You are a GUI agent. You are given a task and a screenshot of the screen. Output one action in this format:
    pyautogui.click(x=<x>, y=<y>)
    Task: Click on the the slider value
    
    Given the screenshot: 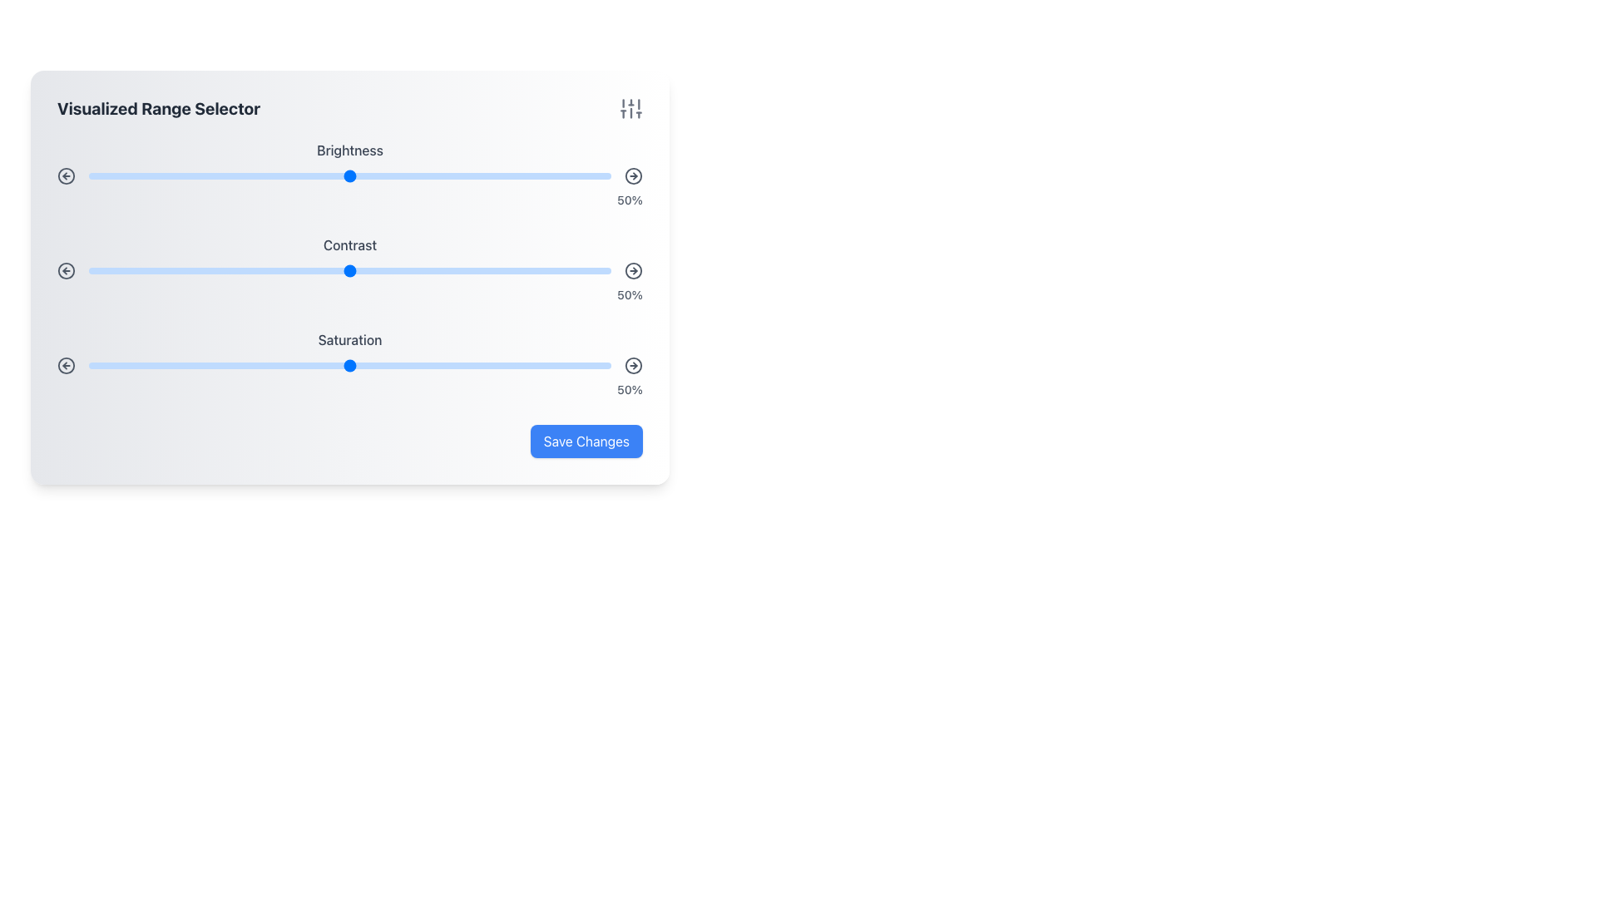 What is the action you would take?
    pyautogui.click(x=314, y=270)
    